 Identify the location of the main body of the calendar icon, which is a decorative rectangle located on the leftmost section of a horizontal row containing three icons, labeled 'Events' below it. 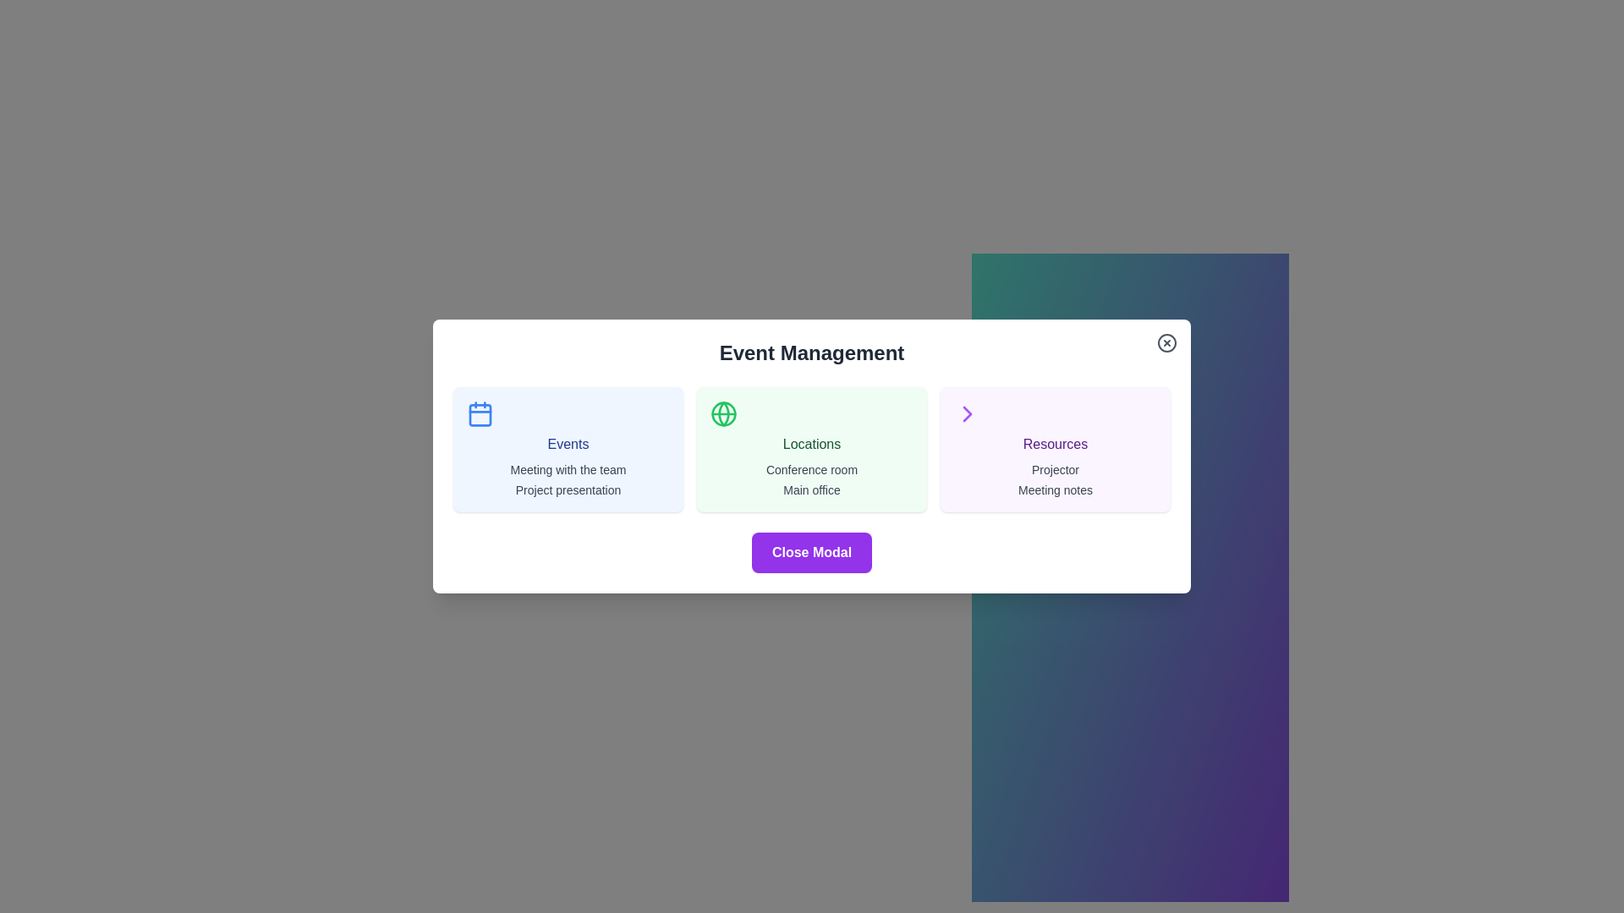
(479, 414).